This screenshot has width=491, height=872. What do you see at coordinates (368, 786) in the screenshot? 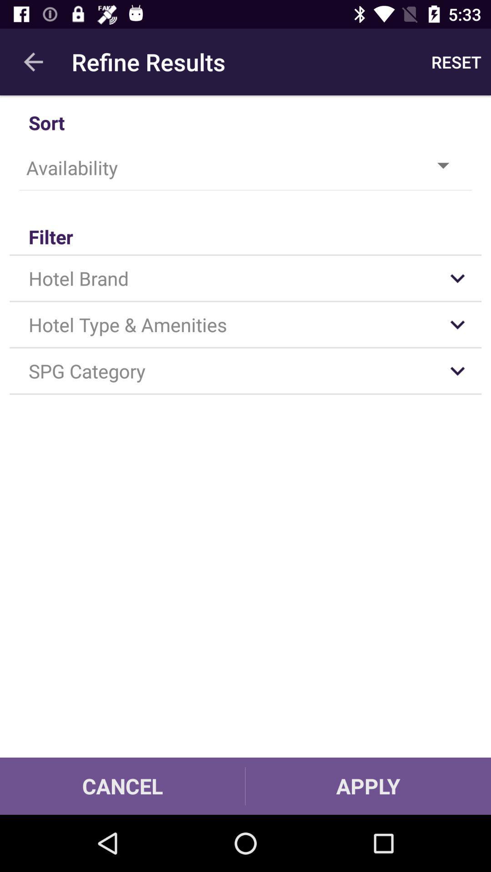
I see `the item to the right of cancel` at bounding box center [368, 786].